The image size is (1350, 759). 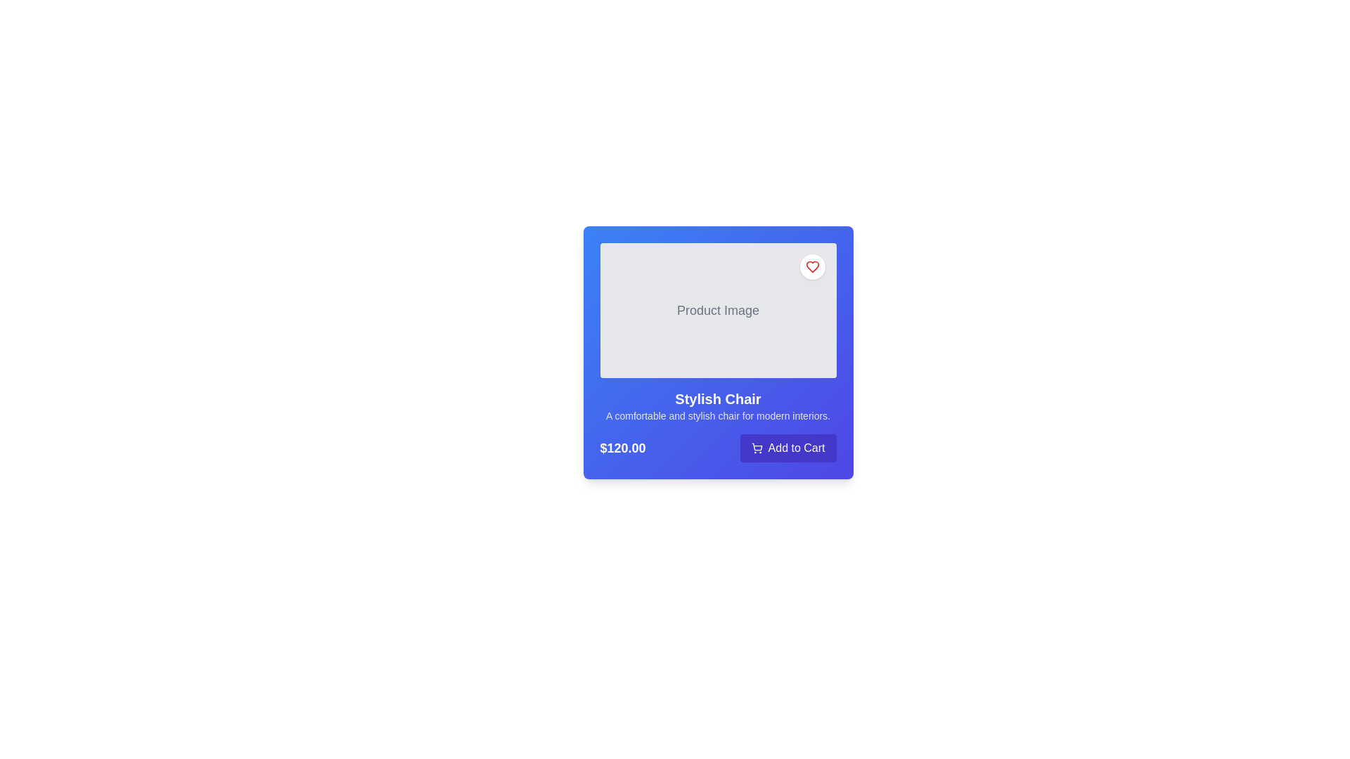 What do you see at coordinates (718, 424) in the screenshot?
I see `product name 'Stylish Chair' and its description from the informational section located at the bottom of the product card with a blue gradient background` at bounding box center [718, 424].